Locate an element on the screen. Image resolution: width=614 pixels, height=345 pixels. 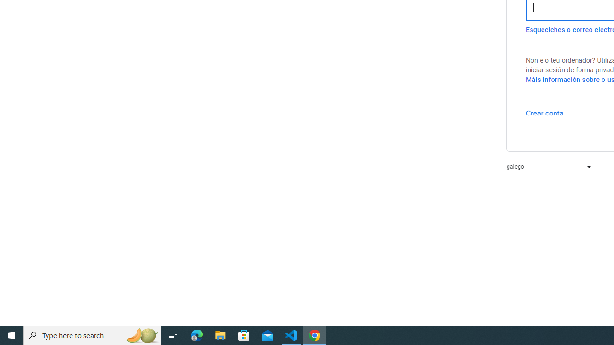
'Crear conta' is located at coordinates (544, 112).